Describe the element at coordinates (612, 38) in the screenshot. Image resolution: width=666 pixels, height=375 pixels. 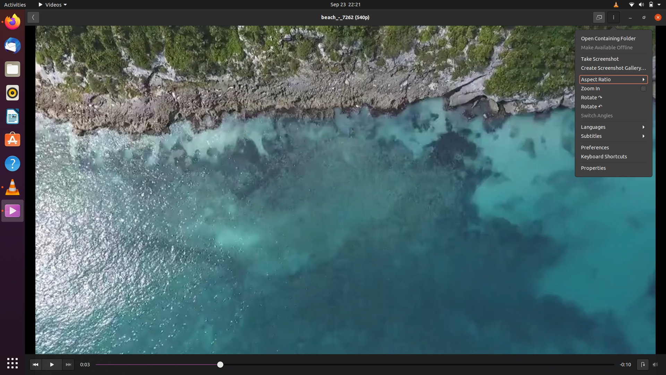
I see `the containing folder of the current video` at that location.